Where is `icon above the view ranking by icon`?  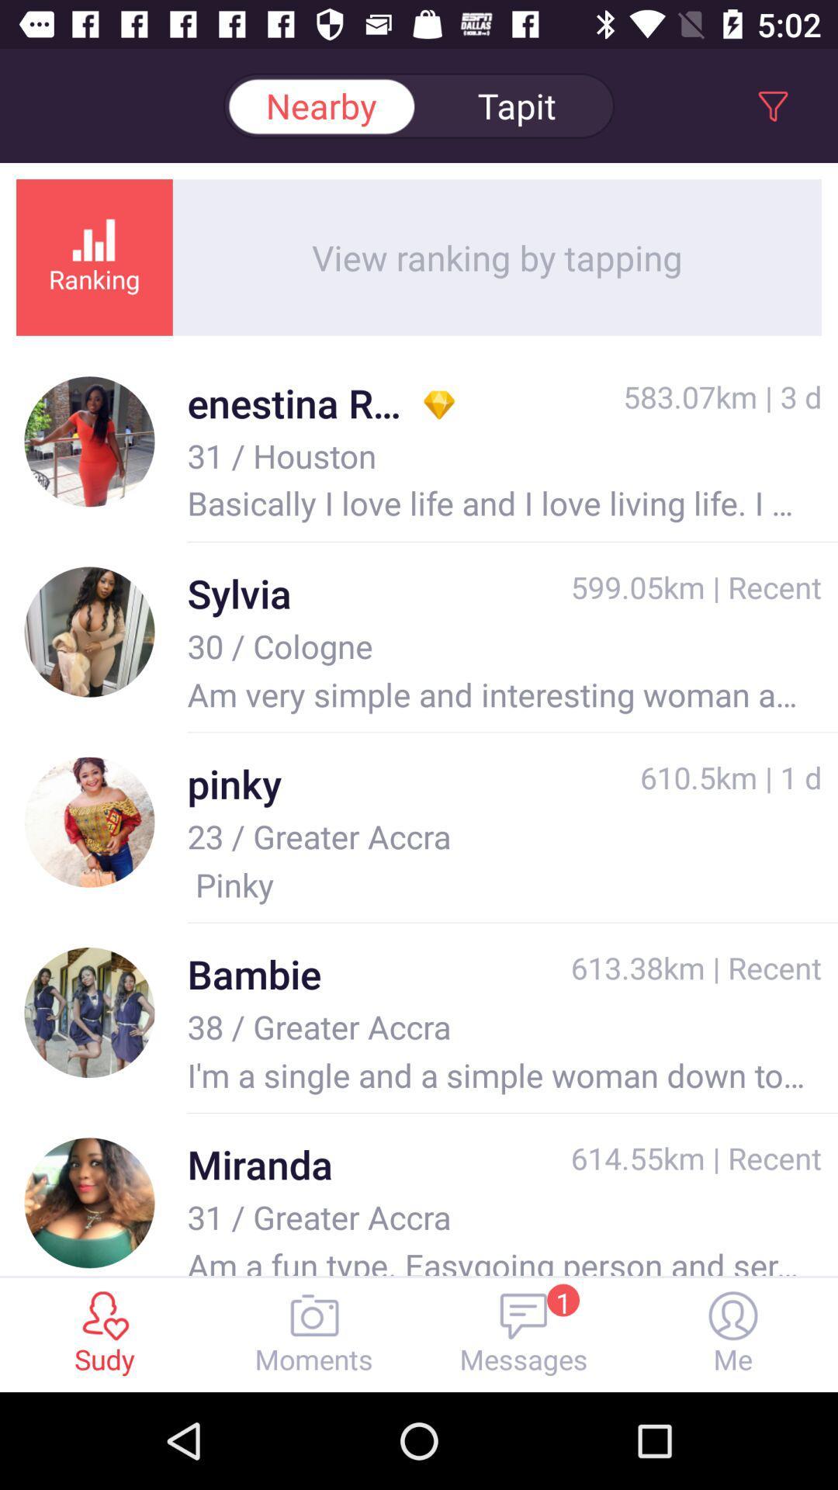 icon above the view ranking by icon is located at coordinates (517, 105).